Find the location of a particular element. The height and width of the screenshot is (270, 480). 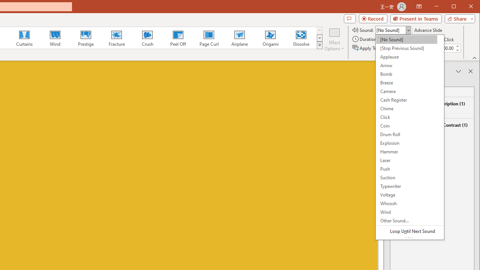

'Row up' is located at coordinates (319, 30).